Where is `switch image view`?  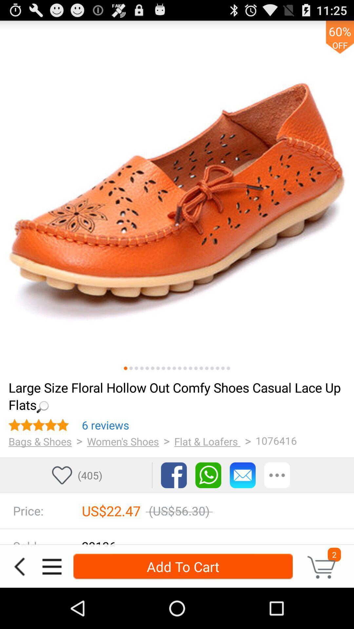
switch image view is located at coordinates (185, 368).